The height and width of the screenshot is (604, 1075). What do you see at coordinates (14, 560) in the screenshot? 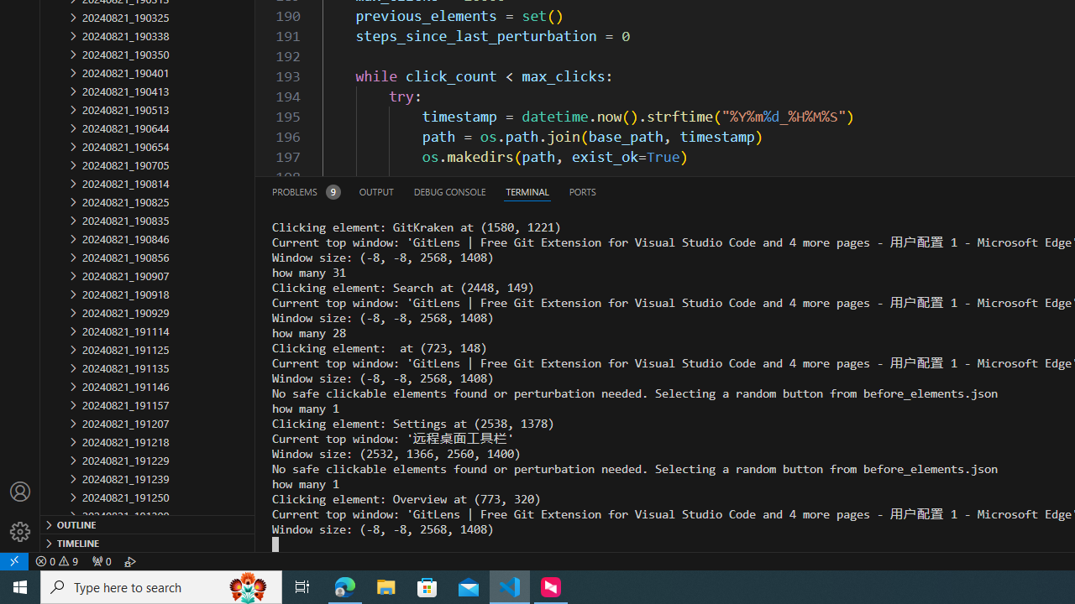
I see `'remote'` at bounding box center [14, 560].